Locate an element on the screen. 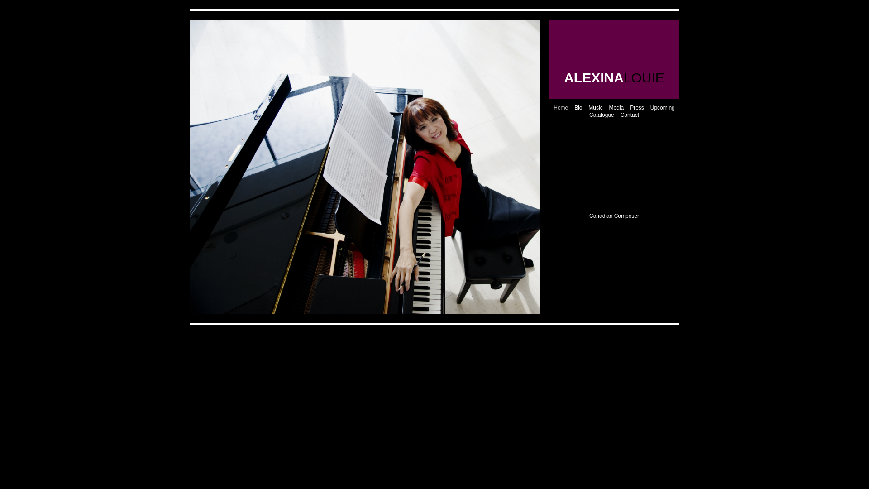 The image size is (869, 489). 'Home' is located at coordinates (560, 107).